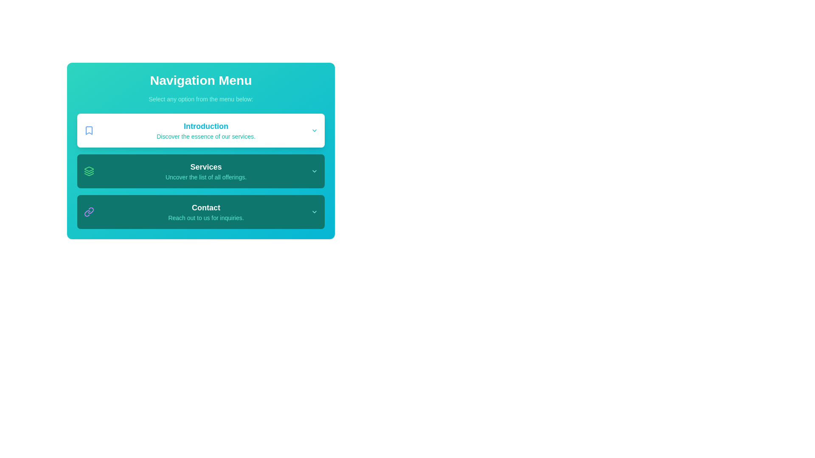  What do you see at coordinates (89, 212) in the screenshot?
I see `the Vector graphic icon located to the left of the 'Contact' text block in the navigation menu` at bounding box center [89, 212].